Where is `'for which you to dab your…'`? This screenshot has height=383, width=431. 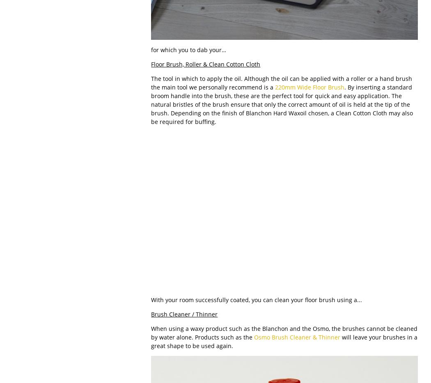 'for which you to dab your…' is located at coordinates (188, 49).